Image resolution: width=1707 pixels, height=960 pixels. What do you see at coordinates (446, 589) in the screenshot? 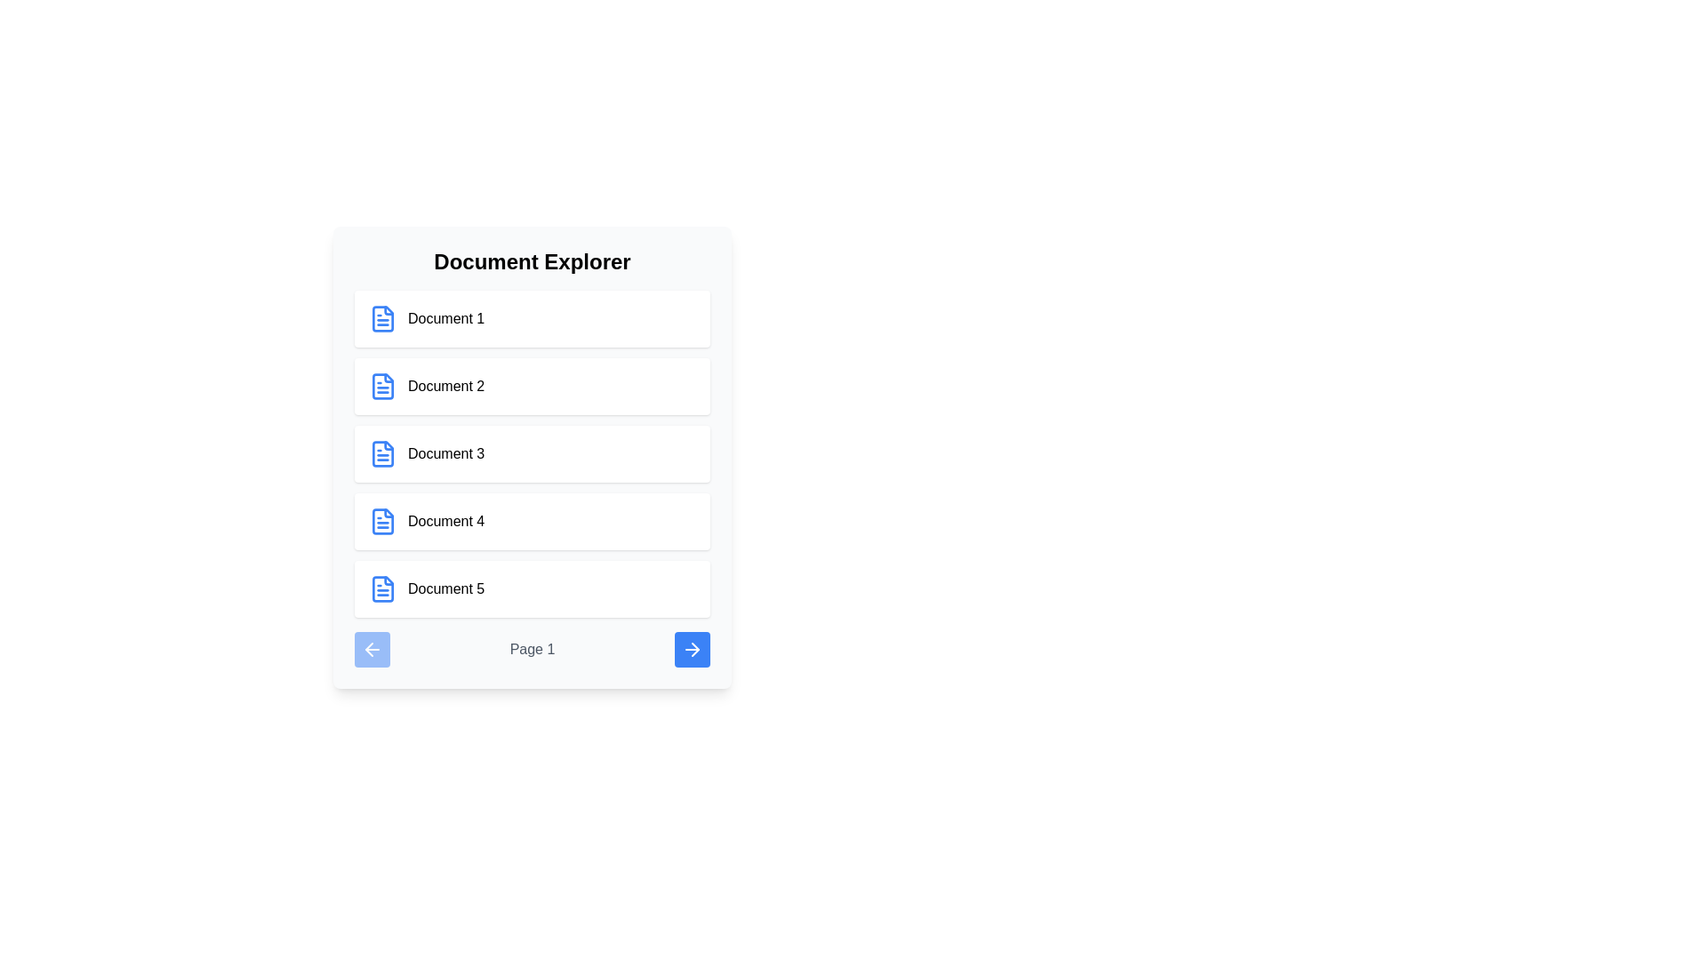
I see `text label displaying 'Document 5', which is styled with a medium font weight and aligned with a blue document icon on its left, positioned as the fifth item in a vertically arranged list of document entries` at bounding box center [446, 589].